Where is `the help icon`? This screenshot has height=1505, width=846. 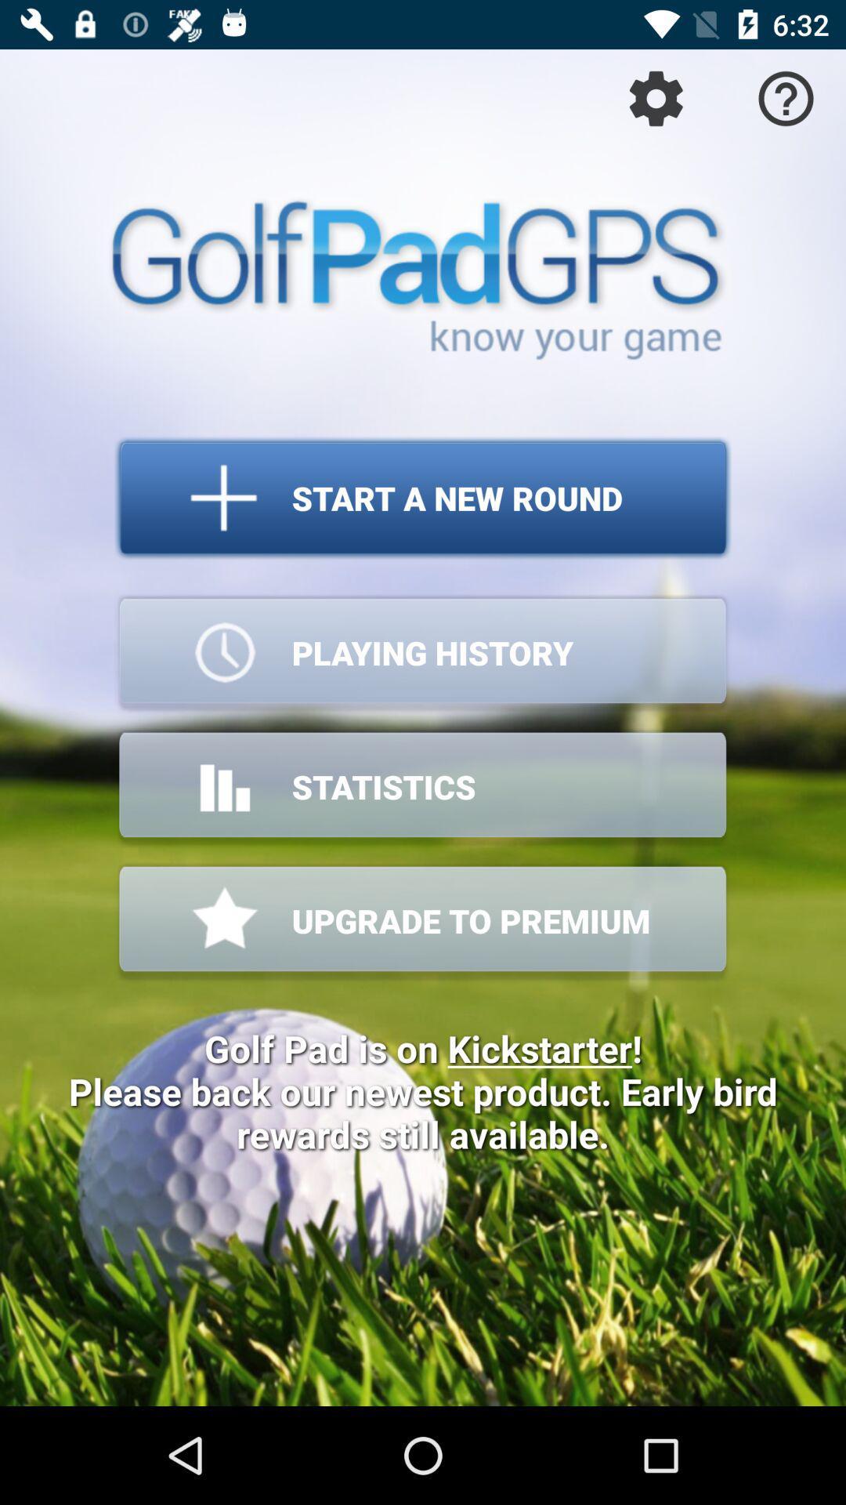 the help icon is located at coordinates (786, 97).